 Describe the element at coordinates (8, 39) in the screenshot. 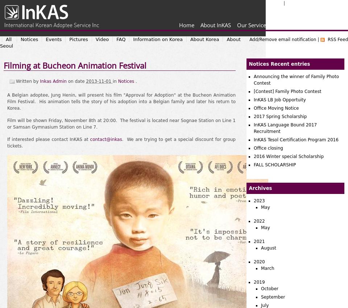

I see `'All'` at that location.